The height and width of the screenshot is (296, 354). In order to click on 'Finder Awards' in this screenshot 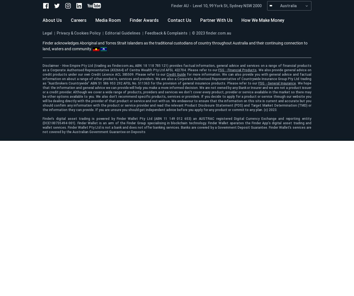, I will do `click(144, 20)`.